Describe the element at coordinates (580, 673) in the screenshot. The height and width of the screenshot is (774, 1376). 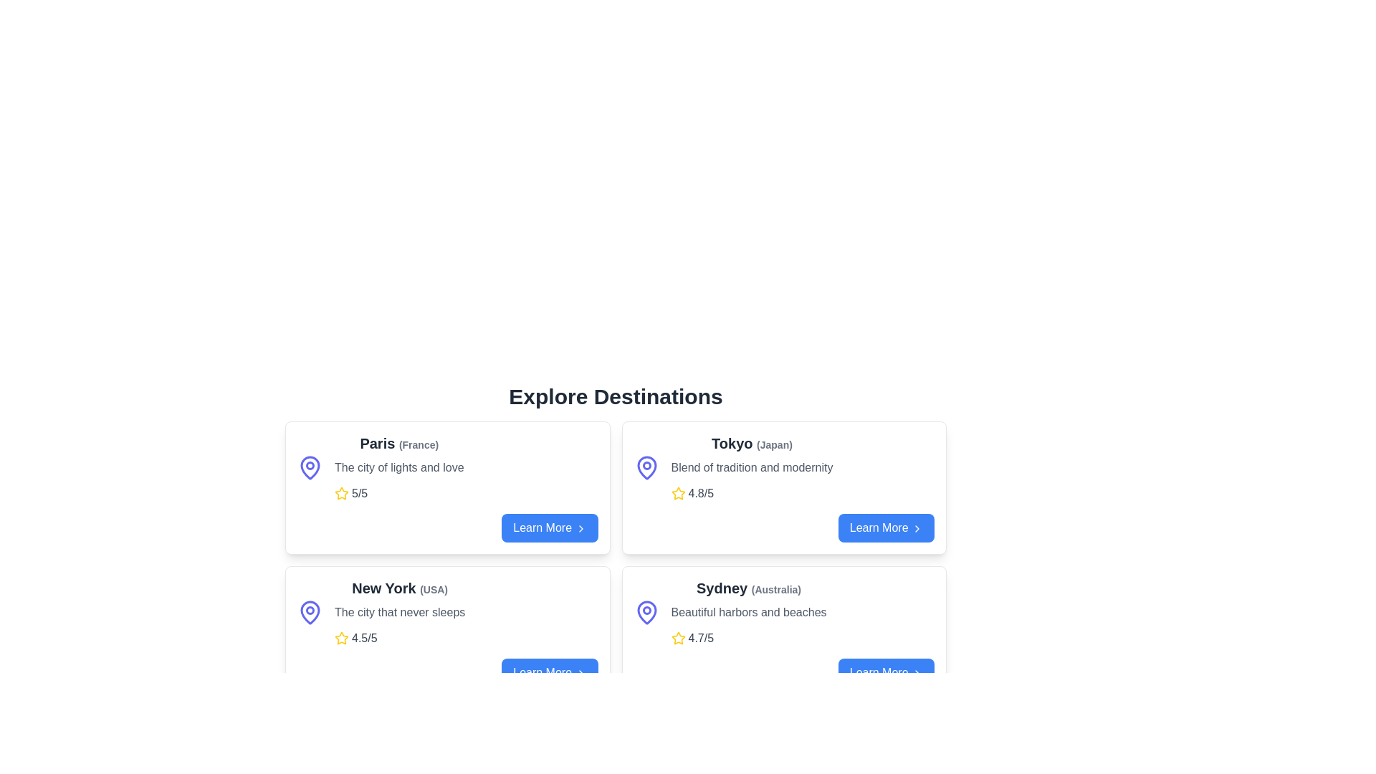
I see `the right-pointing chevron icon within the 'Learn More' button located in the card for 'New York (USA)'` at that location.